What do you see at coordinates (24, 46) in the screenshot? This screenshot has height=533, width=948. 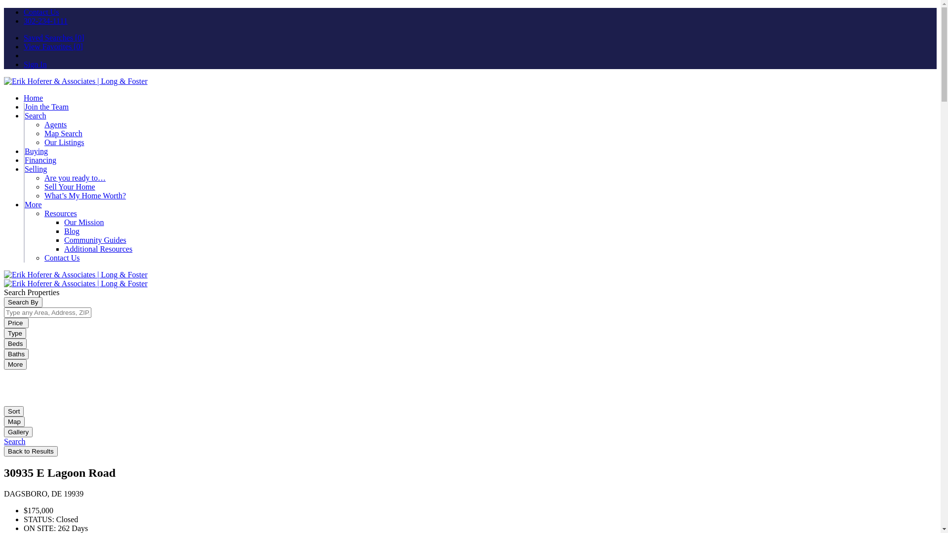 I see `'View Favorites [0]'` at bounding box center [24, 46].